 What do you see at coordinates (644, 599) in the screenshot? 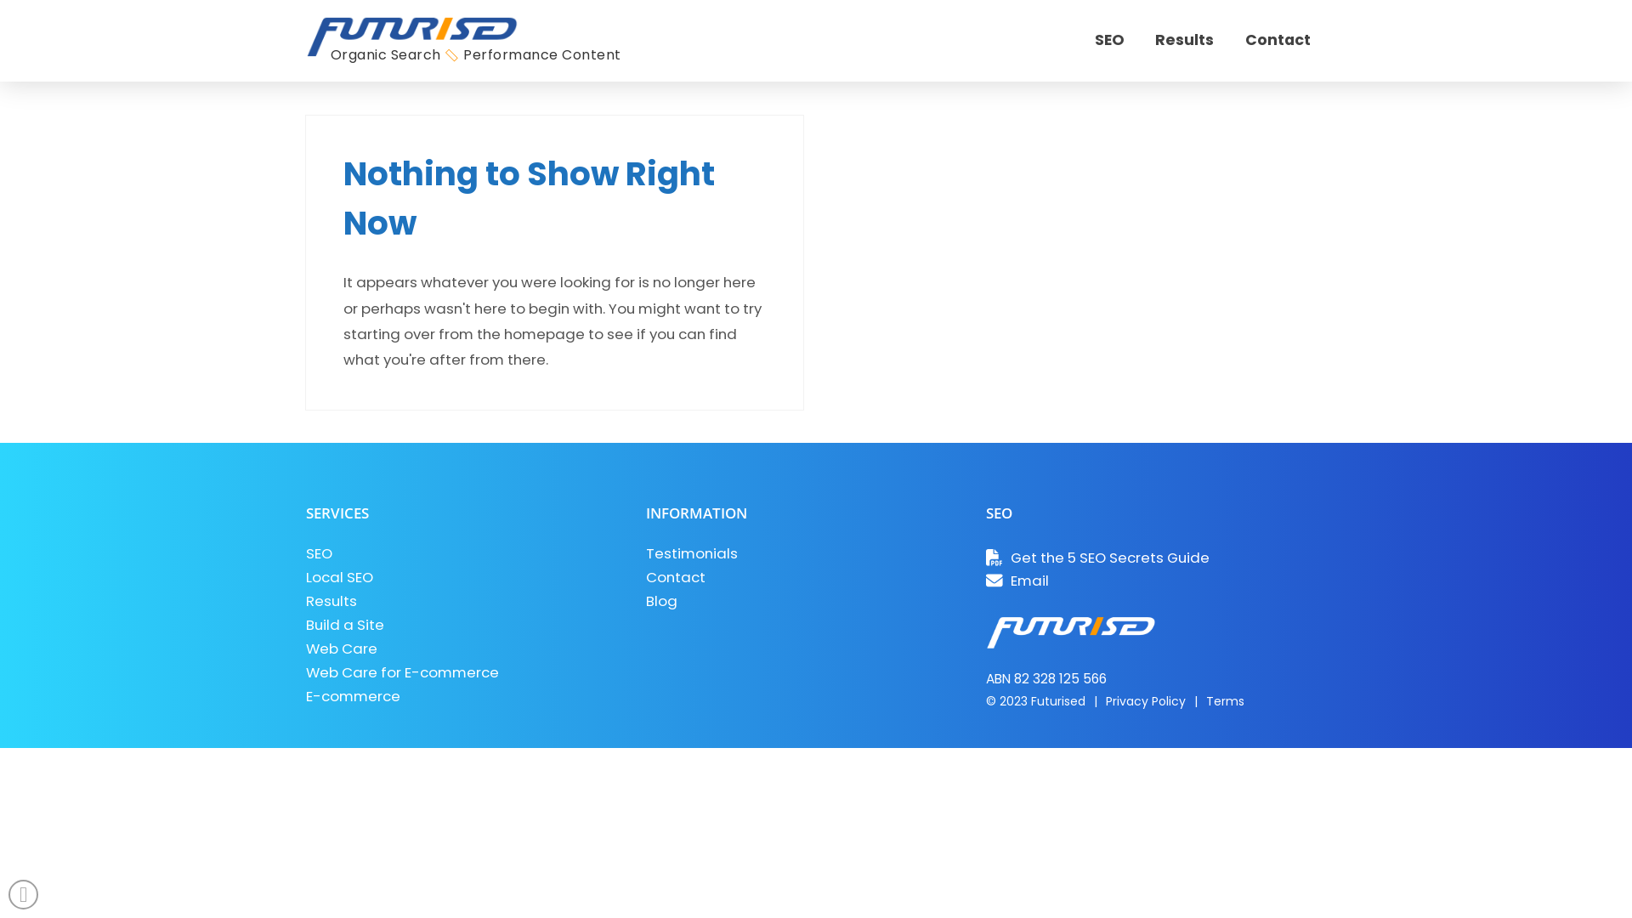
I see `'Blog'` at bounding box center [644, 599].